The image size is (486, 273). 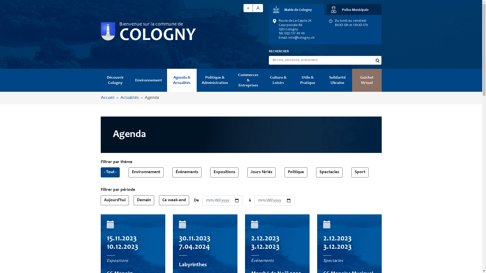 I want to click on 'Sport', so click(x=359, y=172).